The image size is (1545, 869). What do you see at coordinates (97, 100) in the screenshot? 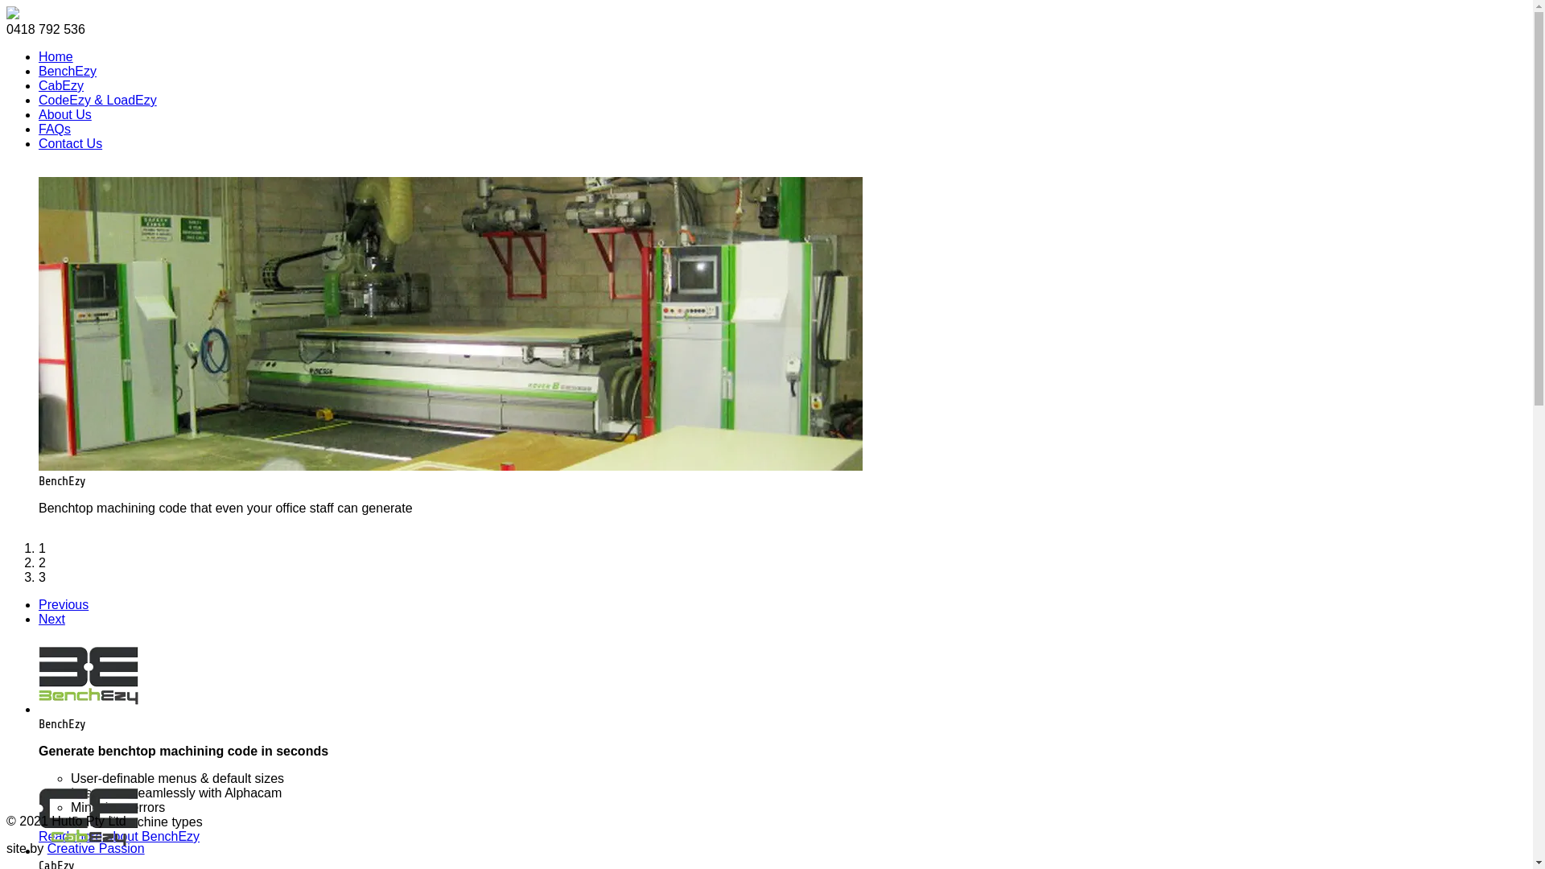
I see `'CodeEzy & LoadEzy'` at bounding box center [97, 100].